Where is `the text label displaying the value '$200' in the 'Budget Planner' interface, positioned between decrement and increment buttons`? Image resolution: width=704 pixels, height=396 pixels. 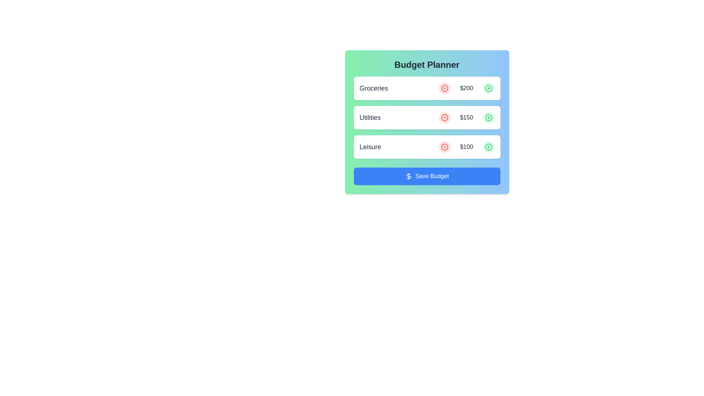
the text label displaying the value '$200' in the 'Budget Planner' interface, positioned between decrement and increment buttons is located at coordinates (466, 88).